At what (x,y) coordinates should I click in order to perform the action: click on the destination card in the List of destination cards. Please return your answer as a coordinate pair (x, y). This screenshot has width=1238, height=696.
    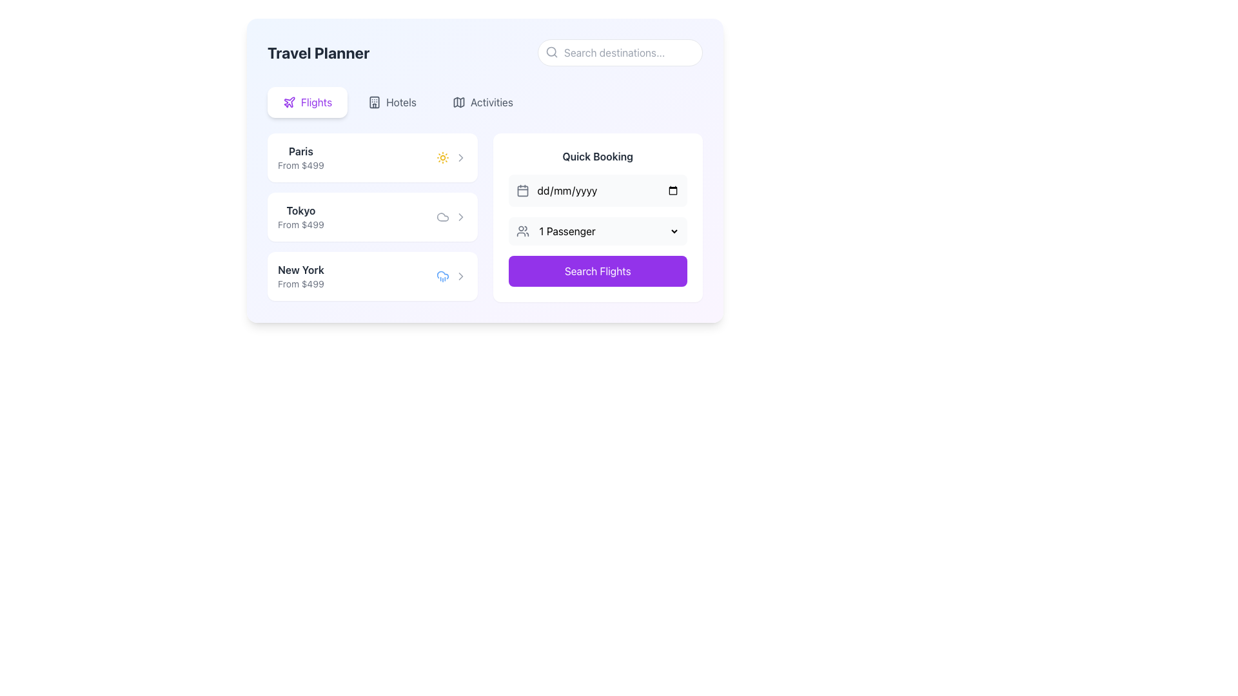
    Looking at the image, I should click on (484, 217).